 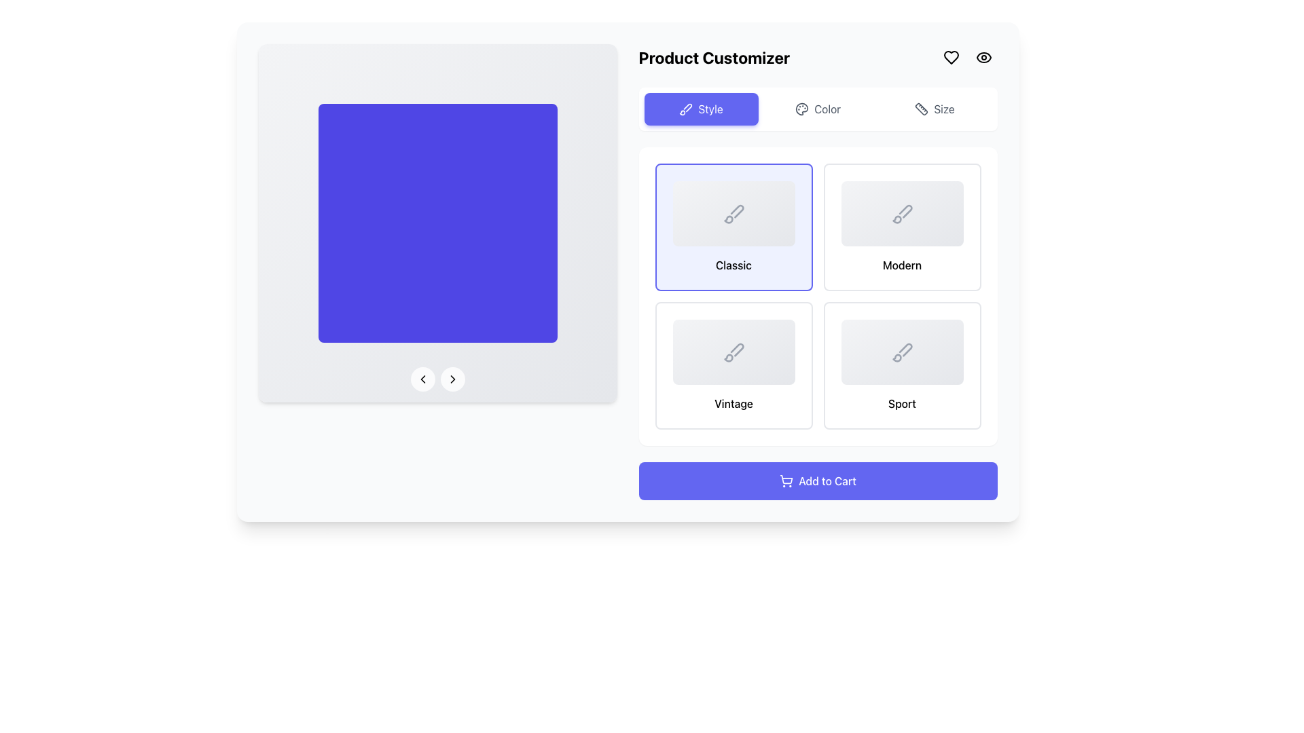 I want to click on keyboard navigation, so click(x=727, y=219).